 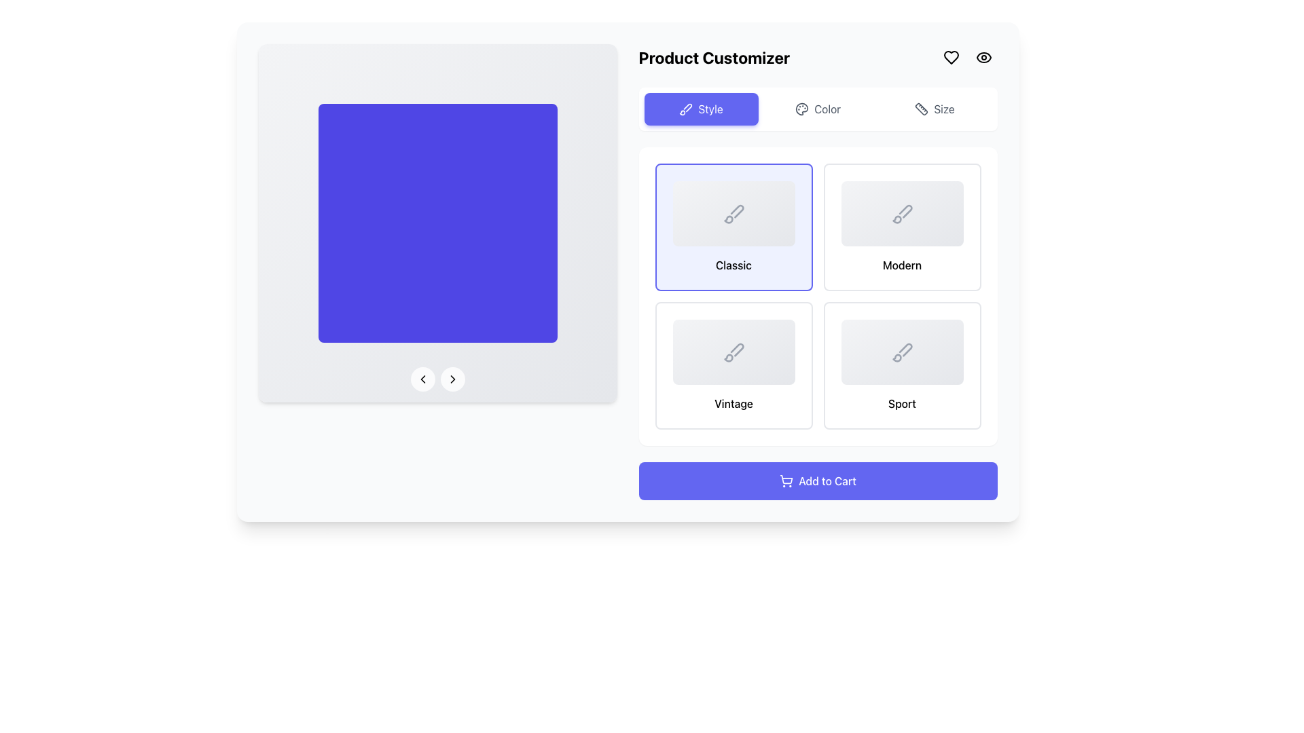 I want to click on keyboard navigation, so click(x=727, y=219).